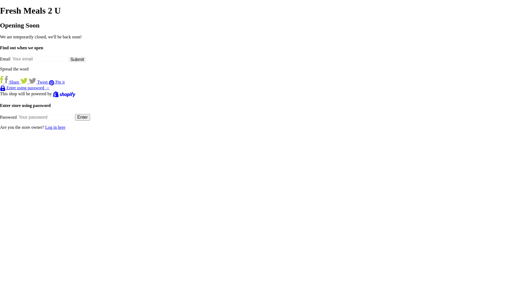 This screenshot has height=294, width=524. What do you see at coordinates (64, 93) in the screenshot?
I see `'Shopify'` at bounding box center [64, 93].